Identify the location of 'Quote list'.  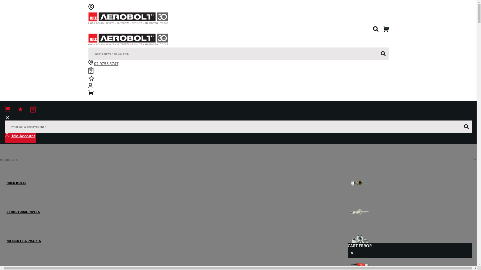
(88, 71).